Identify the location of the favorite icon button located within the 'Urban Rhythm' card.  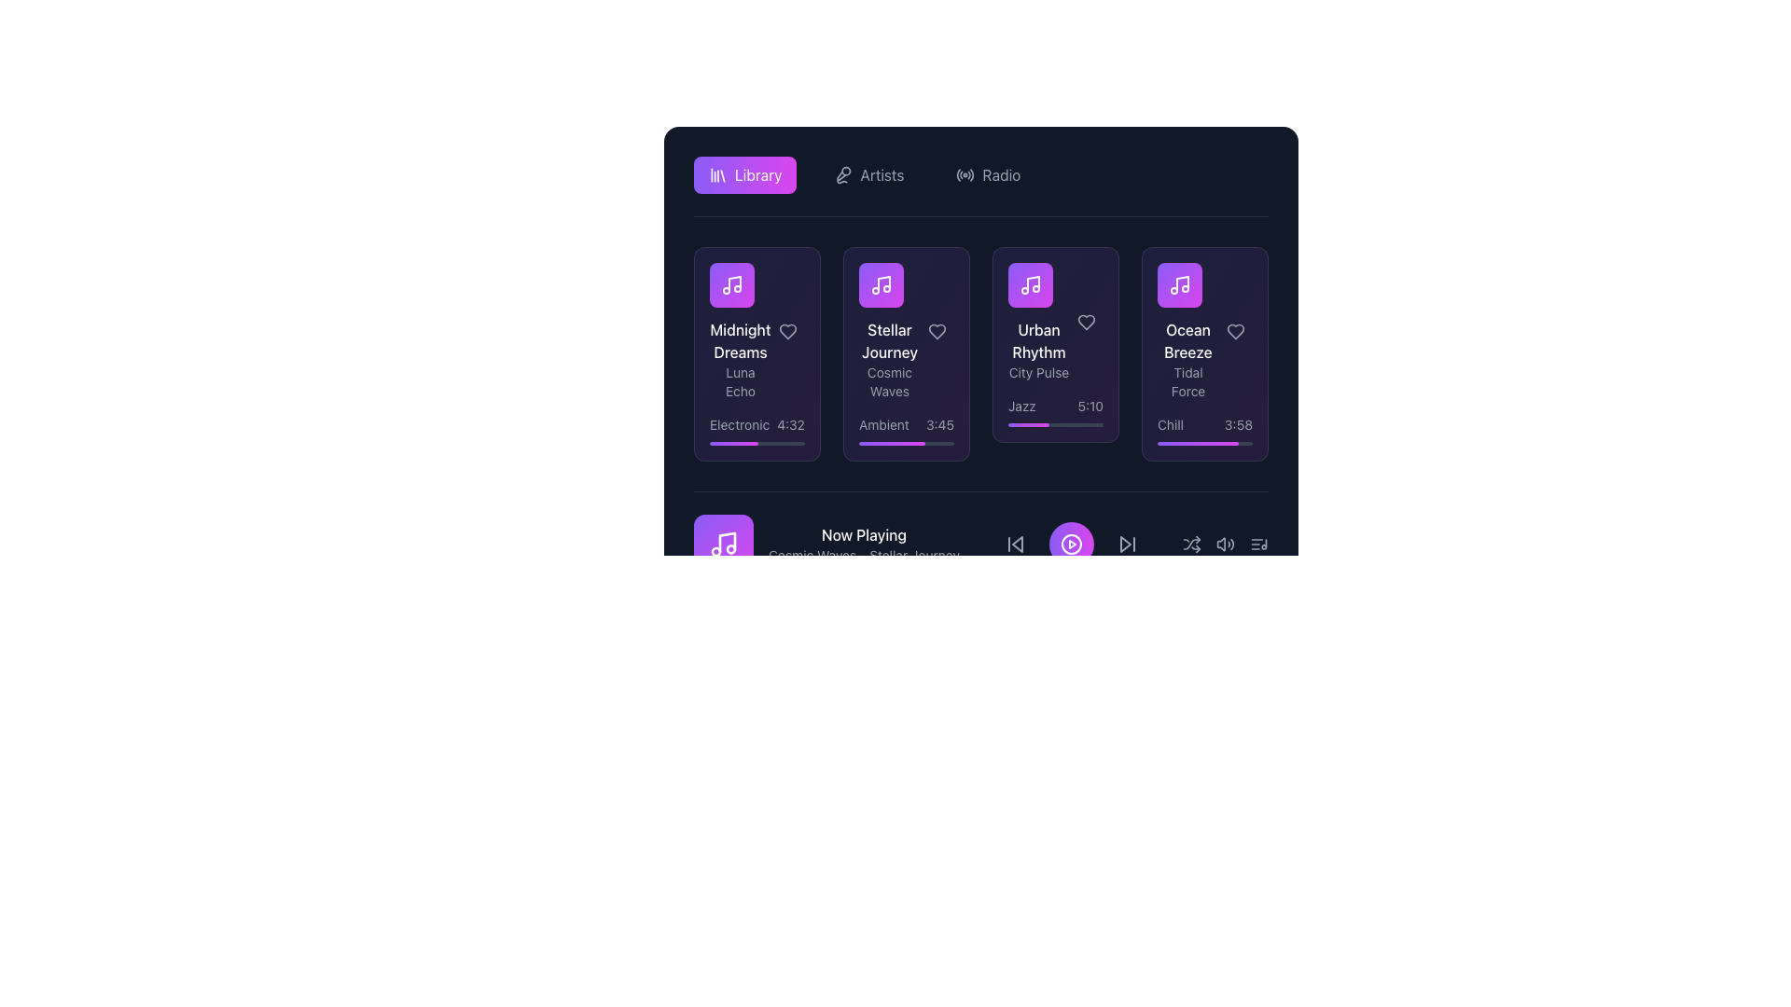
(1087, 322).